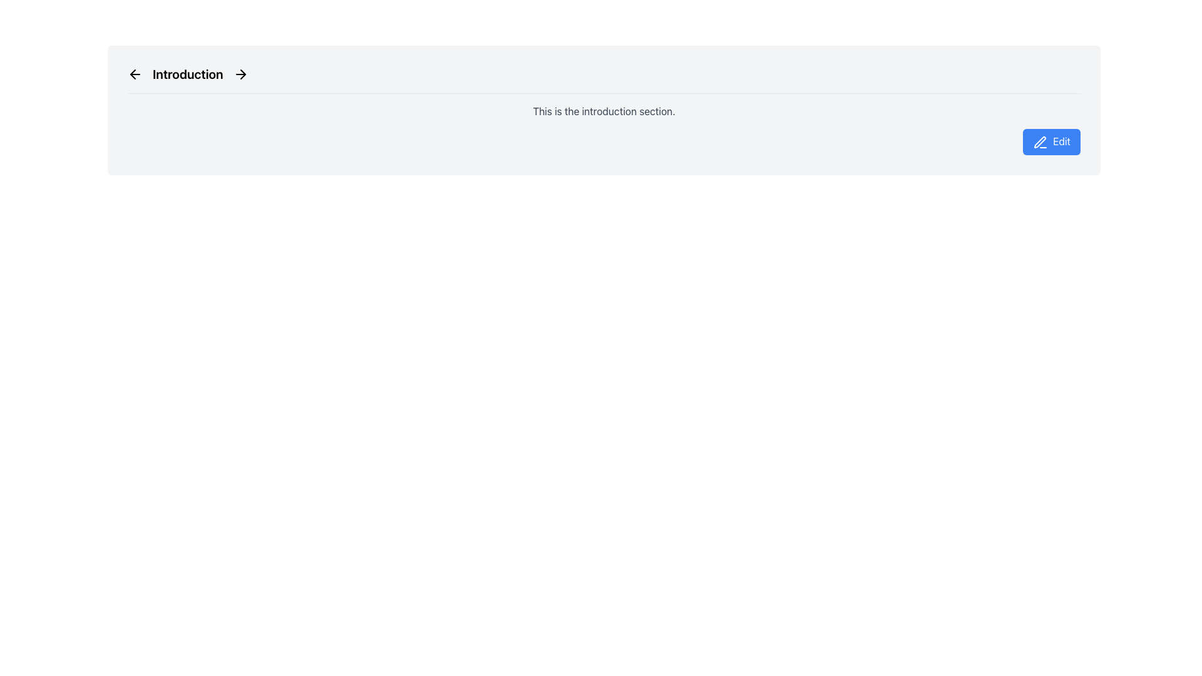  Describe the element at coordinates (240, 74) in the screenshot. I see `the right-pointing arrow icon located next to the 'Introduction' text in the header` at that location.